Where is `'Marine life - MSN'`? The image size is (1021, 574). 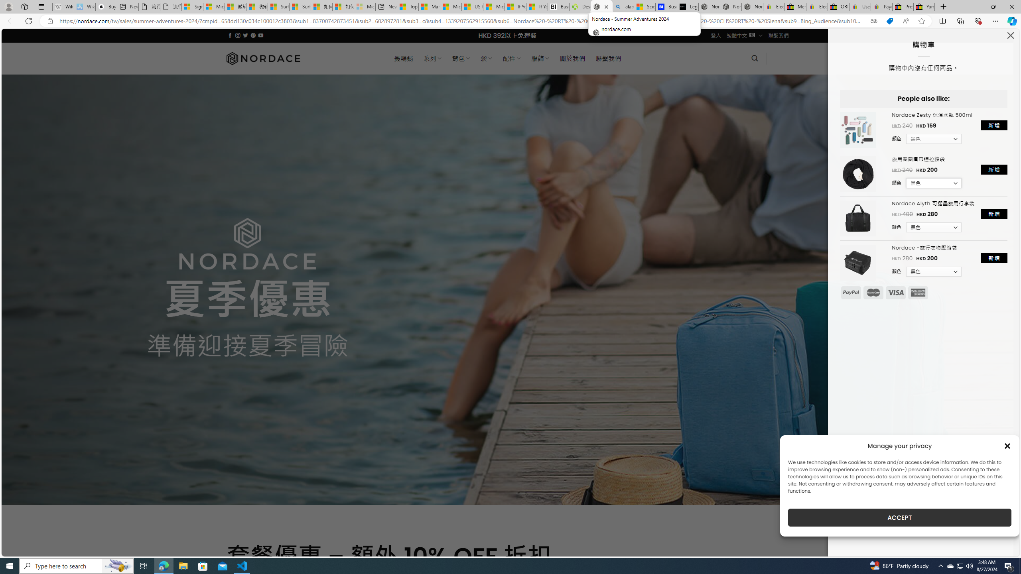 'Marine life - MSN' is located at coordinates (429, 6).